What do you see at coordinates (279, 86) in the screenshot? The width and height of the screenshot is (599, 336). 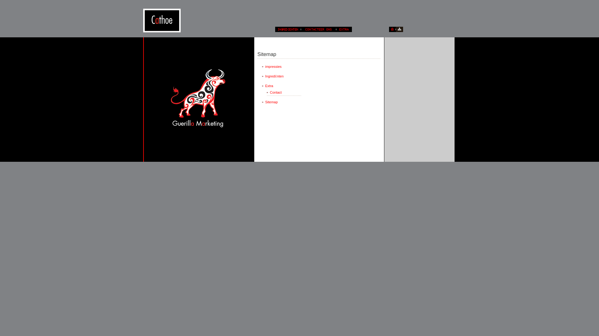 I see `'Extra'` at bounding box center [279, 86].